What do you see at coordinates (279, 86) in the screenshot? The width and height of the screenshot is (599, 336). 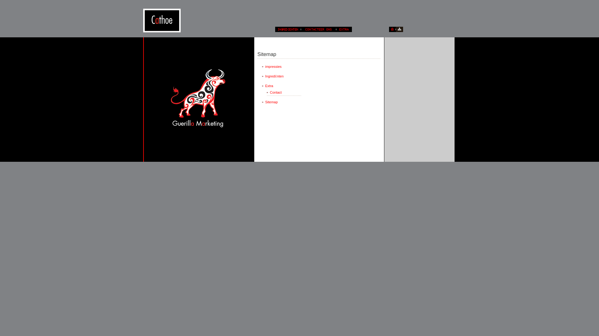 I see `'Extra'` at bounding box center [279, 86].